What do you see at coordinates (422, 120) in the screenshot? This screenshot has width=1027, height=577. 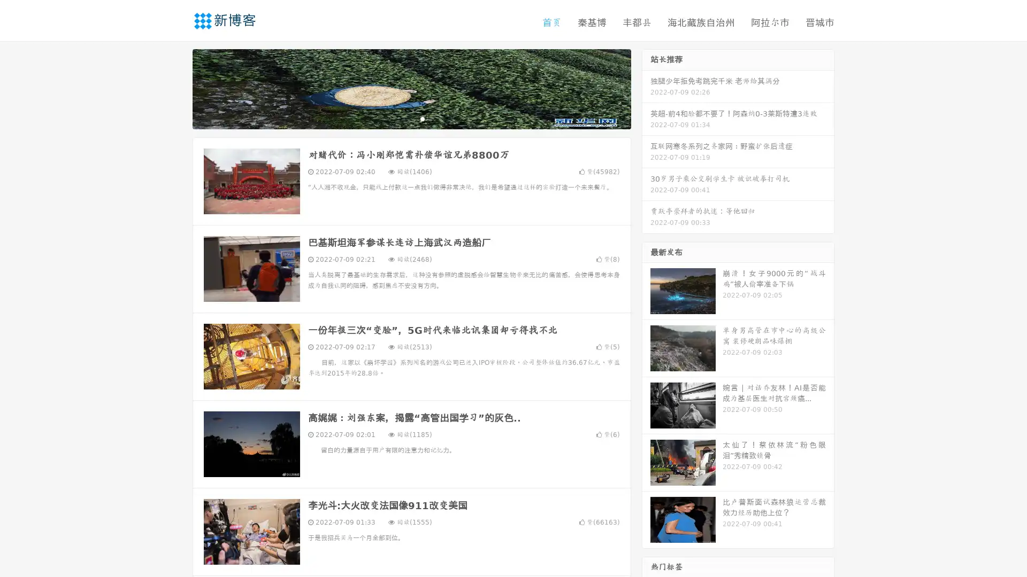 I see `Go to slide 3` at bounding box center [422, 120].